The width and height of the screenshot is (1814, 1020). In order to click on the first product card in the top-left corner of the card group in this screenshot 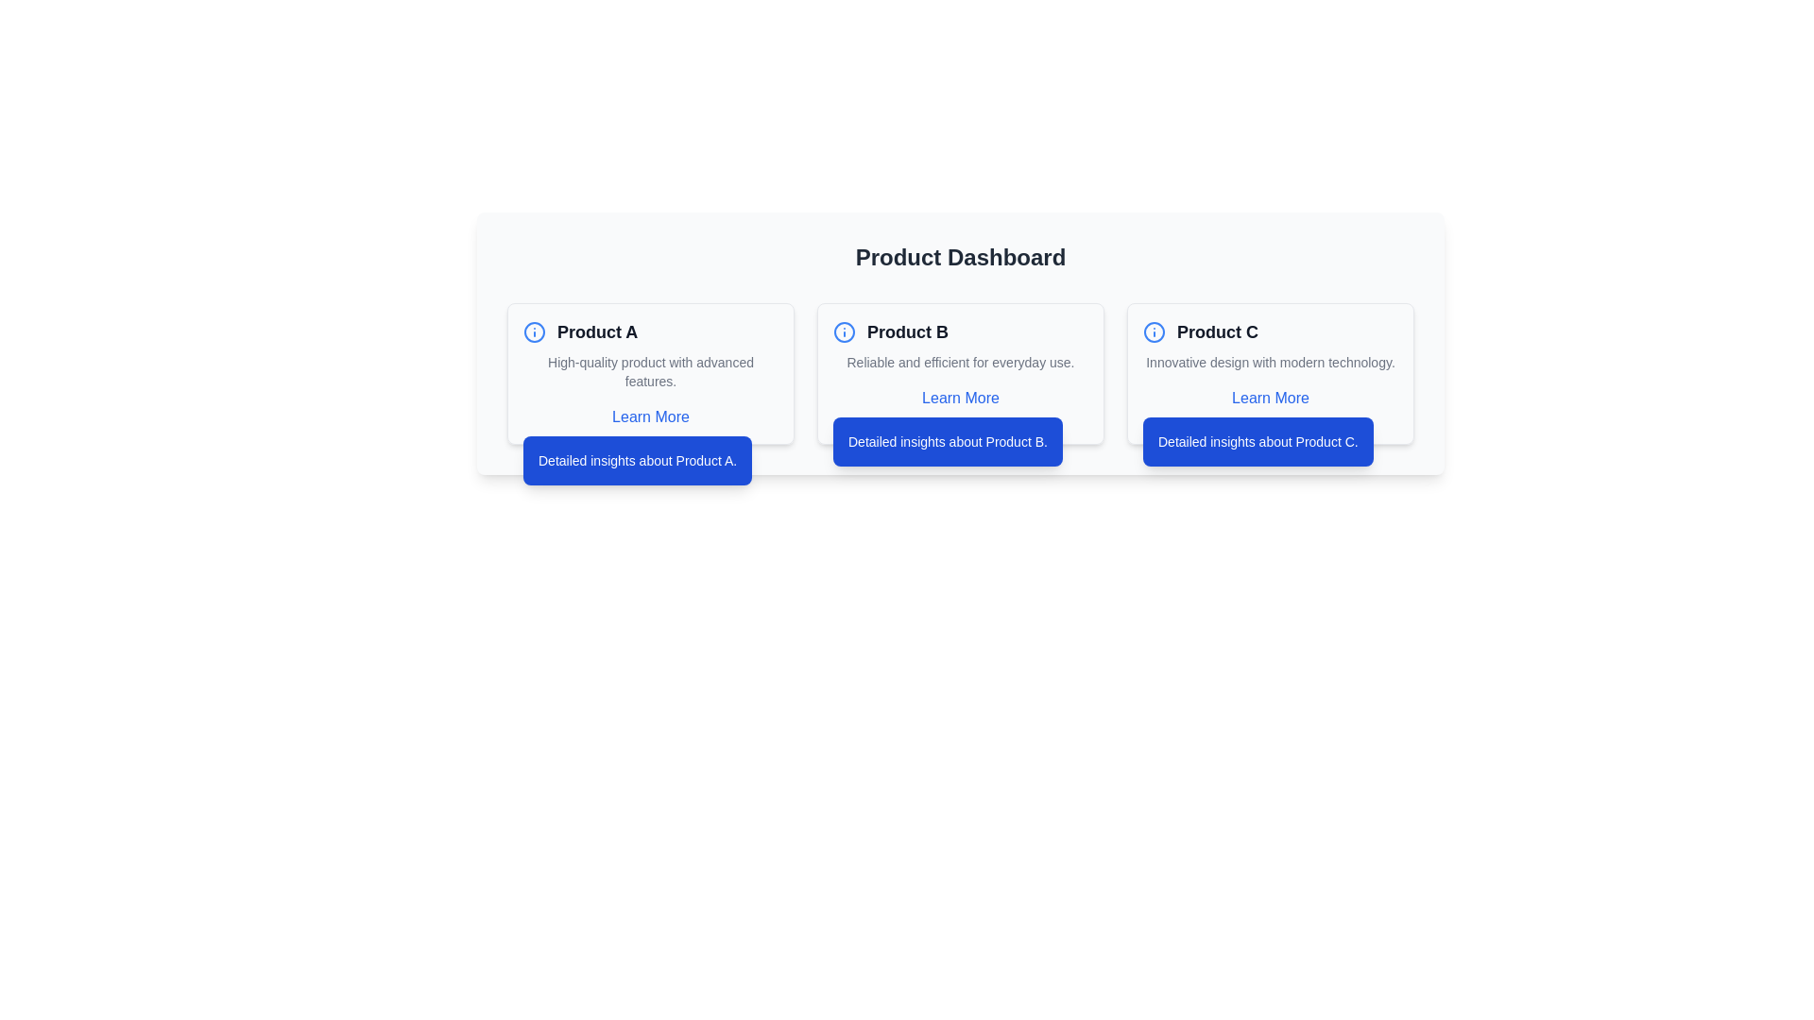, I will do `click(651, 374)`.